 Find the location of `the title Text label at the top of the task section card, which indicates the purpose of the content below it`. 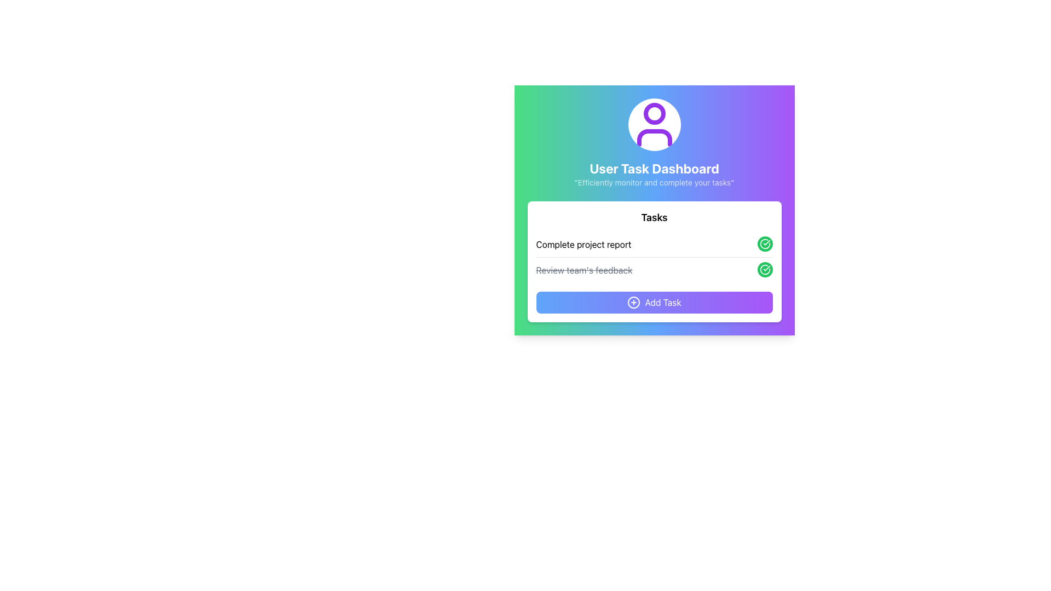

the title Text label at the top of the task section card, which indicates the purpose of the content below it is located at coordinates (654, 217).